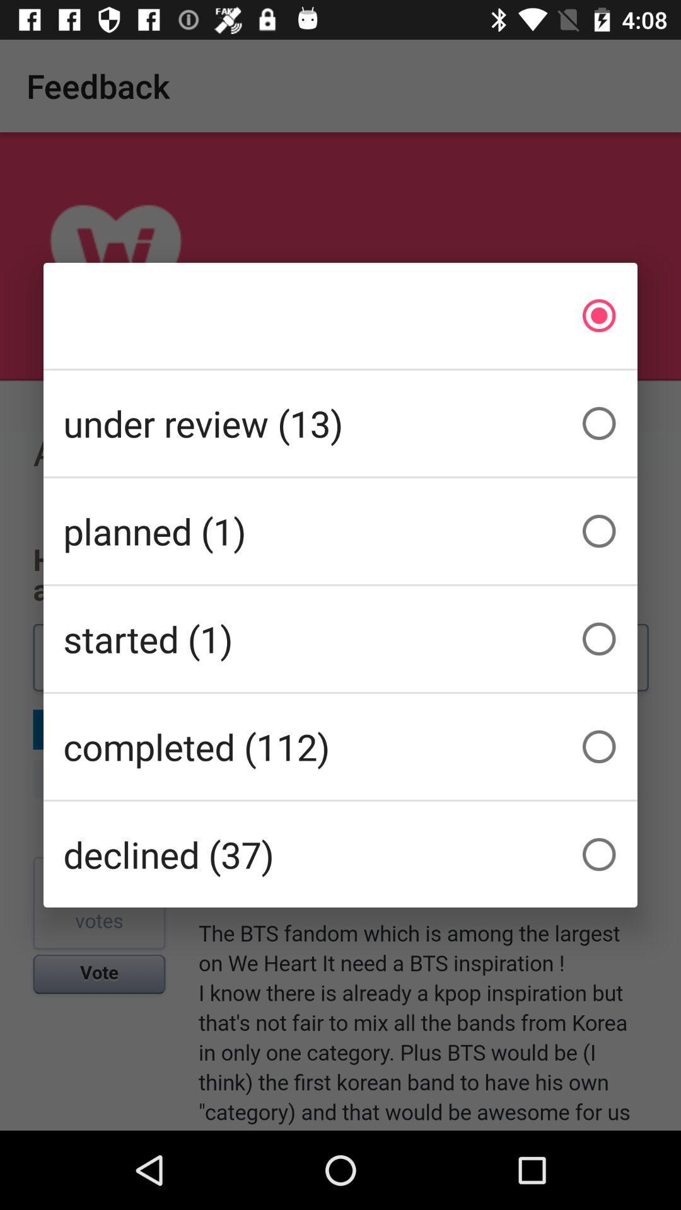 The width and height of the screenshot is (681, 1210). Describe the element at coordinates (340, 638) in the screenshot. I see `the item above the completed (112)` at that location.